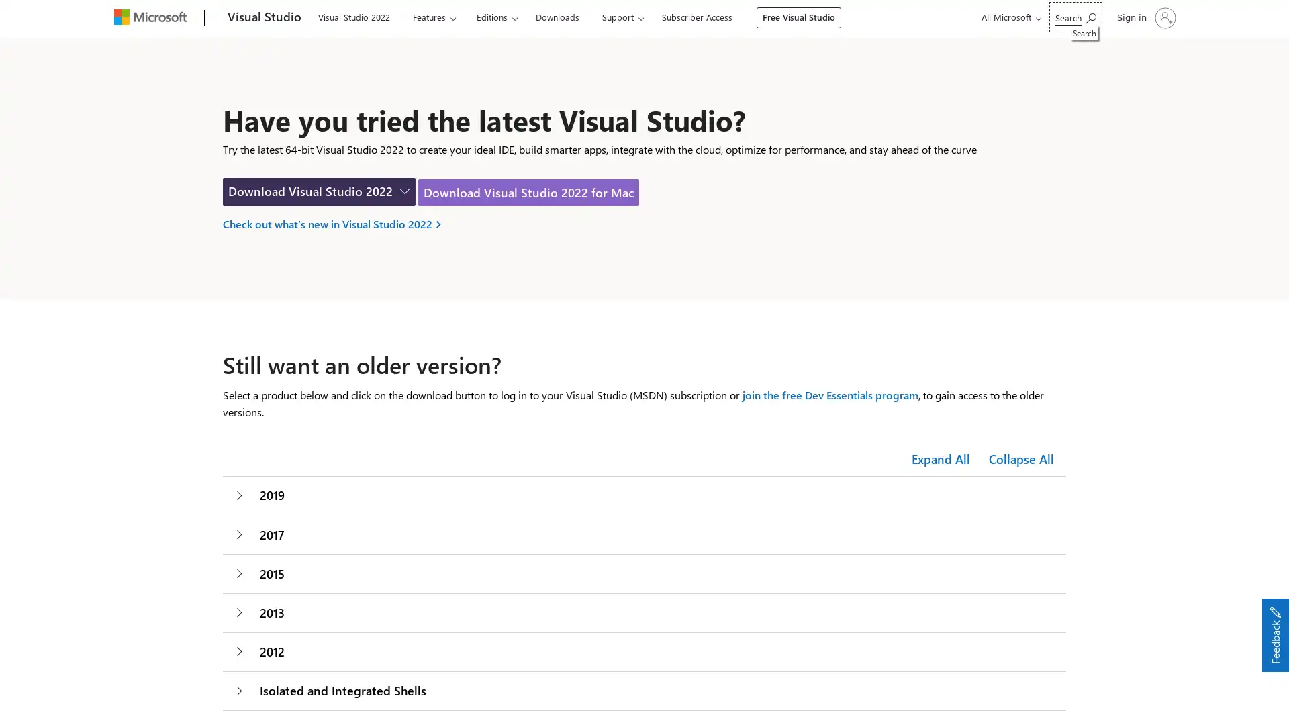  What do you see at coordinates (940, 458) in the screenshot?
I see `Expand All` at bounding box center [940, 458].